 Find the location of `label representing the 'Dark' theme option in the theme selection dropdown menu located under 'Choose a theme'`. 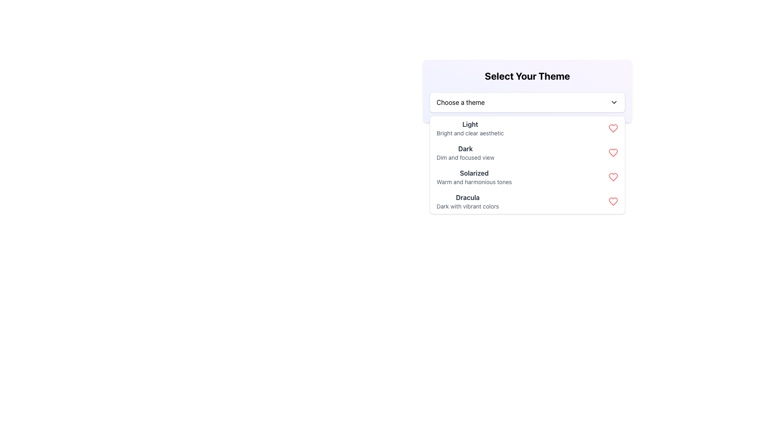

label representing the 'Dark' theme option in the theme selection dropdown menu located under 'Choose a theme' is located at coordinates (465, 149).